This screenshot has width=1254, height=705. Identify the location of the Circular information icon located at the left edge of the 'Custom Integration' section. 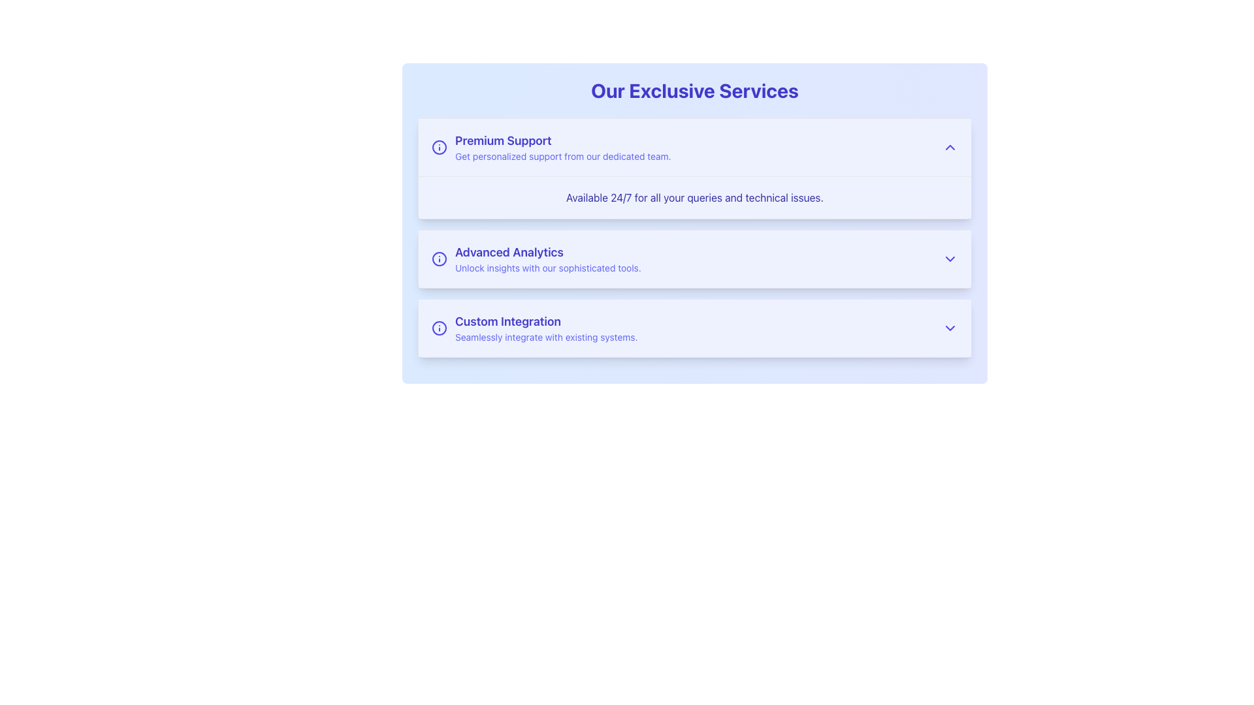
(439, 327).